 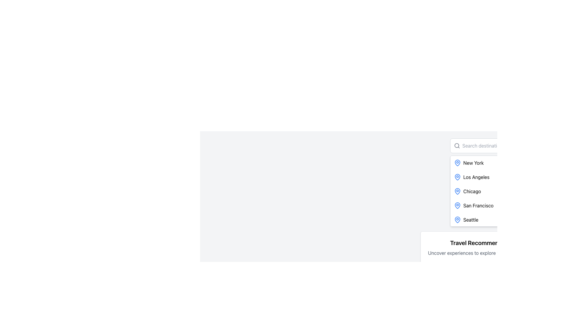 What do you see at coordinates (457, 177) in the screenshot?
I see `the blue outlined map pin icon next to 'Los Angeles'` at bounding box center [457, 177].